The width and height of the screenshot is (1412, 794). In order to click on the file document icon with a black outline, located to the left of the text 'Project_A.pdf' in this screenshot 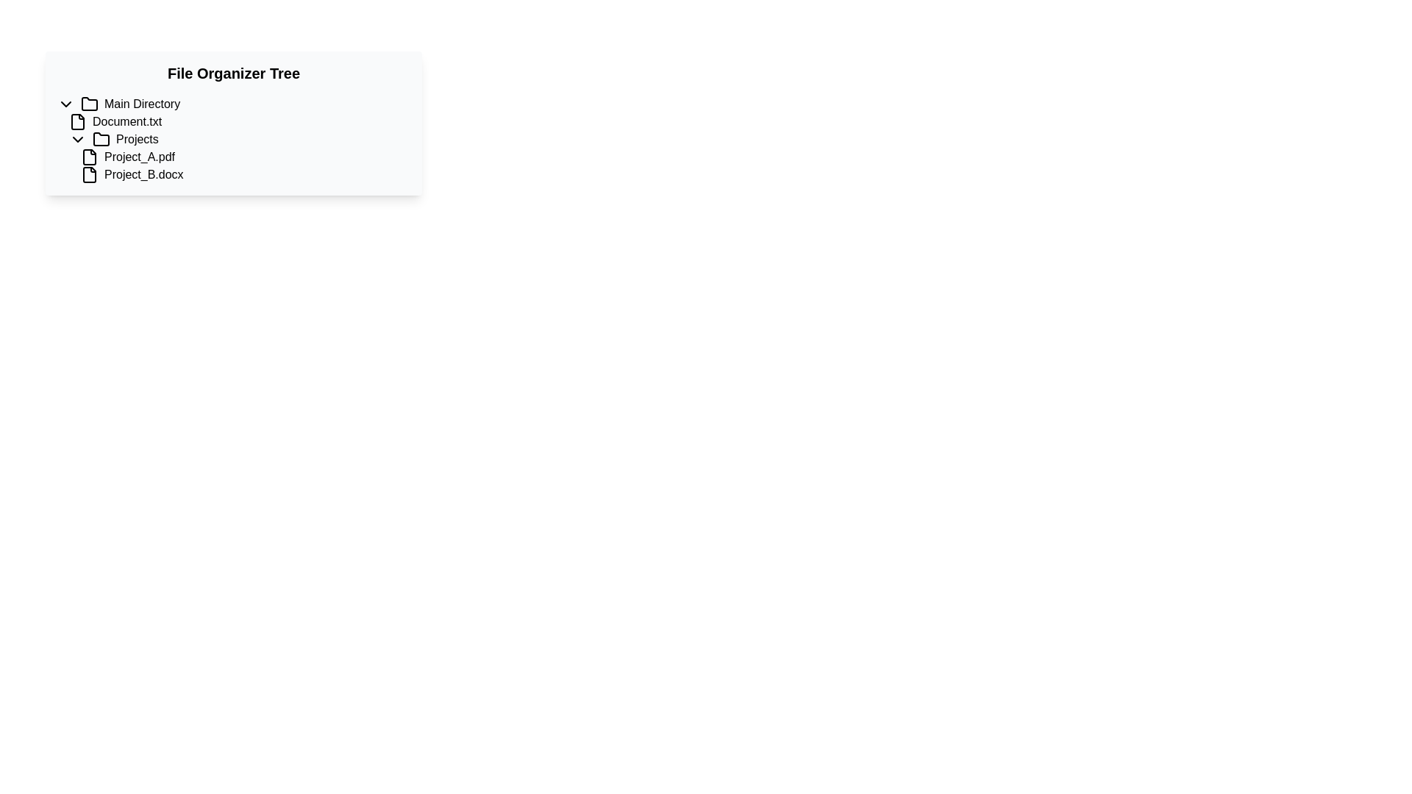, I will do `click(88, 157)`.